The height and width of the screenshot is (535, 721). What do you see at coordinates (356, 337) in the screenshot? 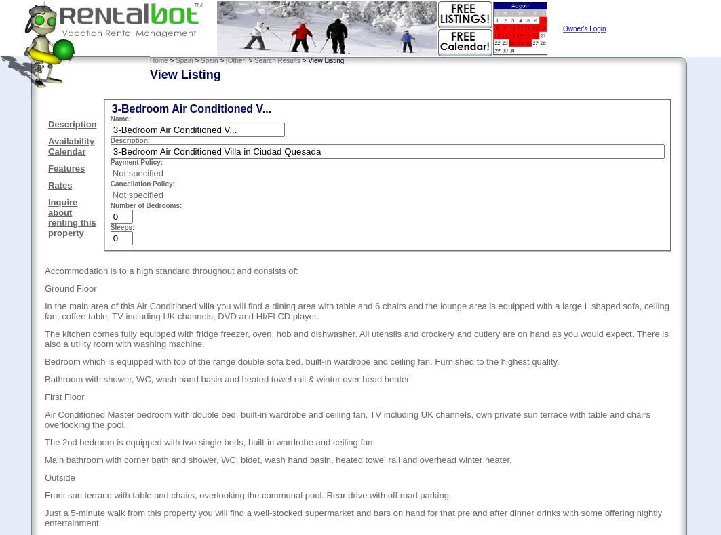
I see `'The kitchen comes fully equipped with fridge freezer, oven, hob and dishwasher. All utensils and crockery and cutlery are on hand as you would expect. There is also a utility room with washing machine.'` at bounding box center [356, 337].